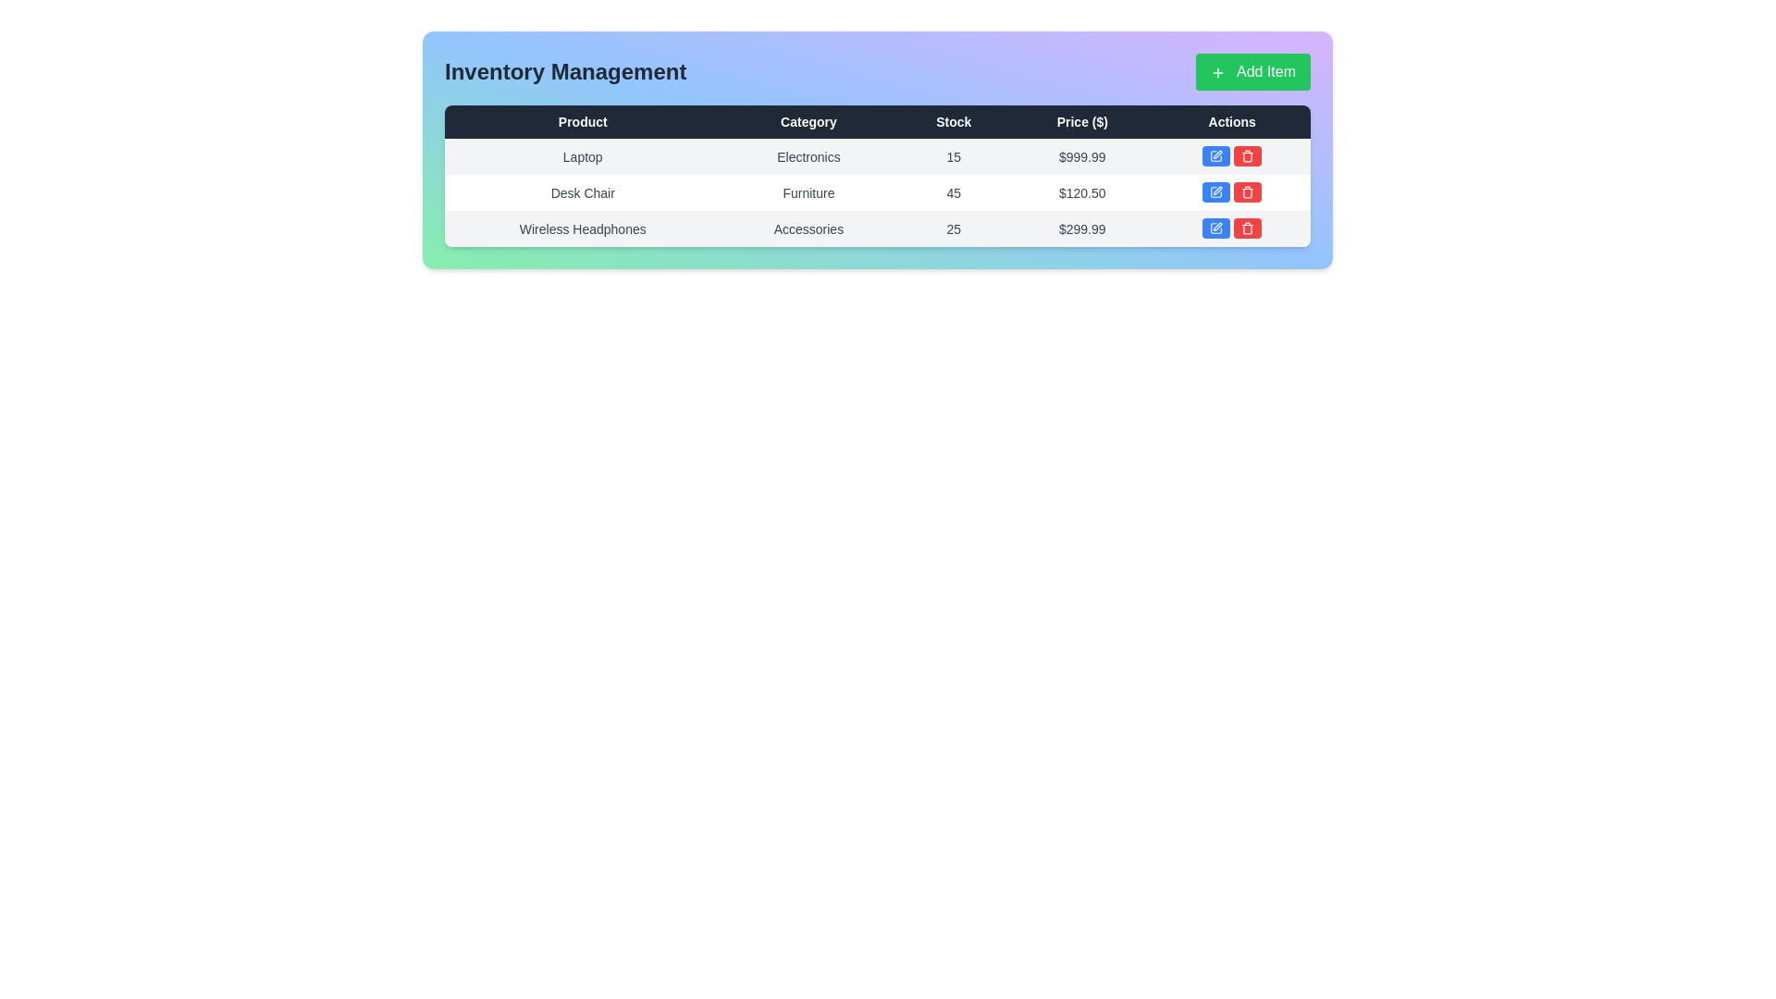 This screenshot has width=1776, height=999. I want to click on the text field labeled 'Accessories' located in the third row of the table under the 'Category' column for the product 'Wireless Headphones', so click(808, 228).